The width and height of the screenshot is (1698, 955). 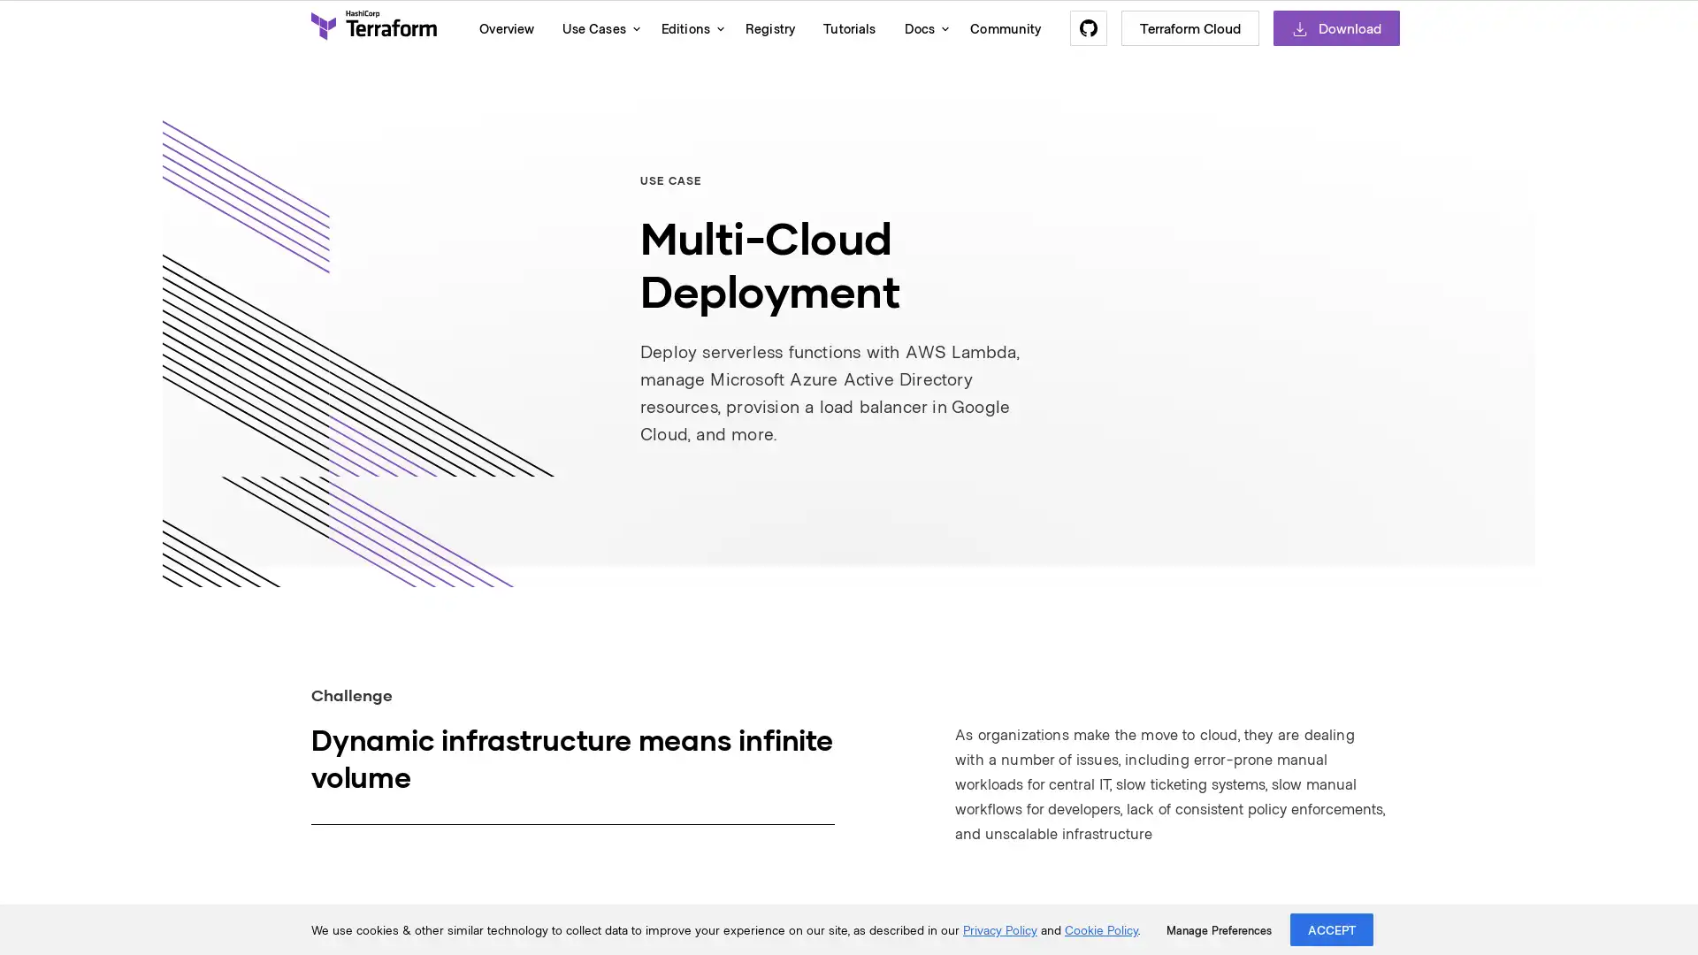 I want to click on ACCEPT, so click(x=1332, y=928).